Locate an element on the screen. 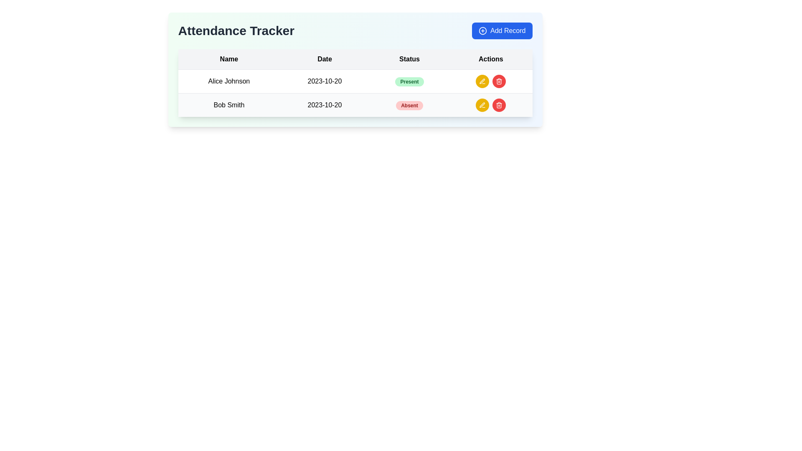  the 'Name' text label, which is the first header in a table-like structure, located immediately to the right of the title 'Attendance Tracker' is located at coordinates (229, 59).